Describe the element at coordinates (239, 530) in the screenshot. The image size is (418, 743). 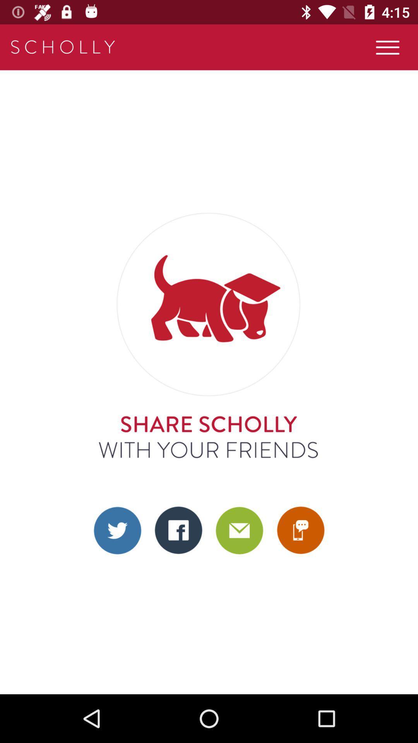
I see `the email icon` at that location.